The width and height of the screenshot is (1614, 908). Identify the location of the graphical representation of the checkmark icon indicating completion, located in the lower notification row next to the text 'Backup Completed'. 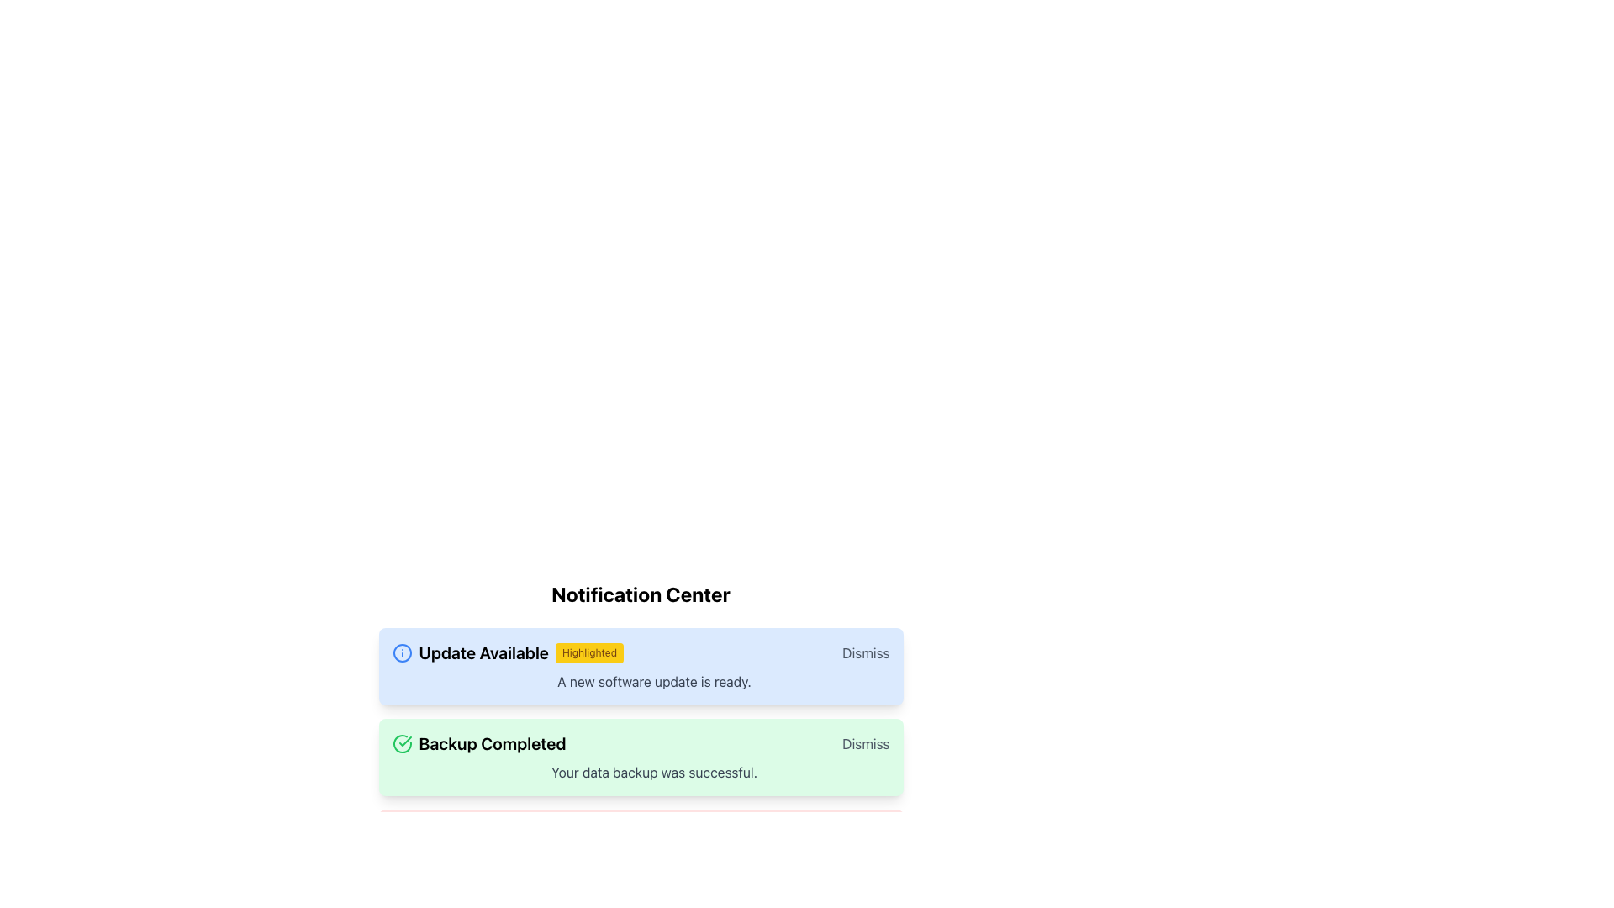
(401, 742).